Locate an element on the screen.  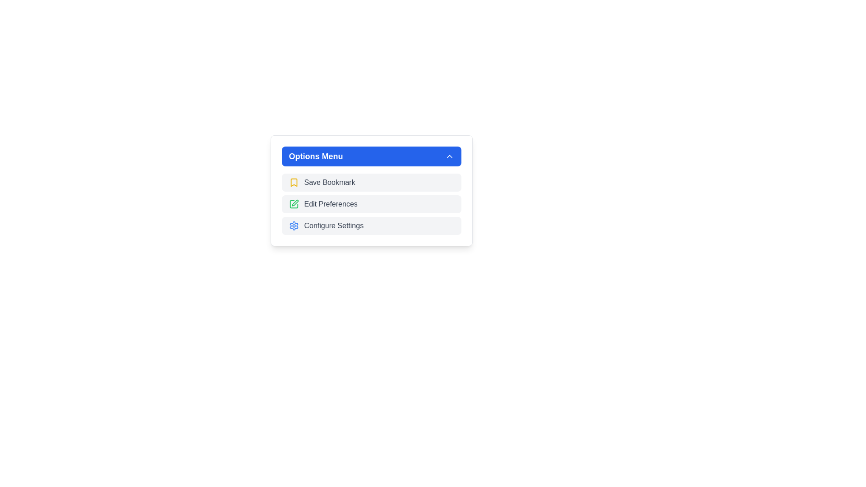
the upward-pointing chevron icon located in the top-right corner of the blue 'Options Menu' toolbar is located at coordinates (449, 156).